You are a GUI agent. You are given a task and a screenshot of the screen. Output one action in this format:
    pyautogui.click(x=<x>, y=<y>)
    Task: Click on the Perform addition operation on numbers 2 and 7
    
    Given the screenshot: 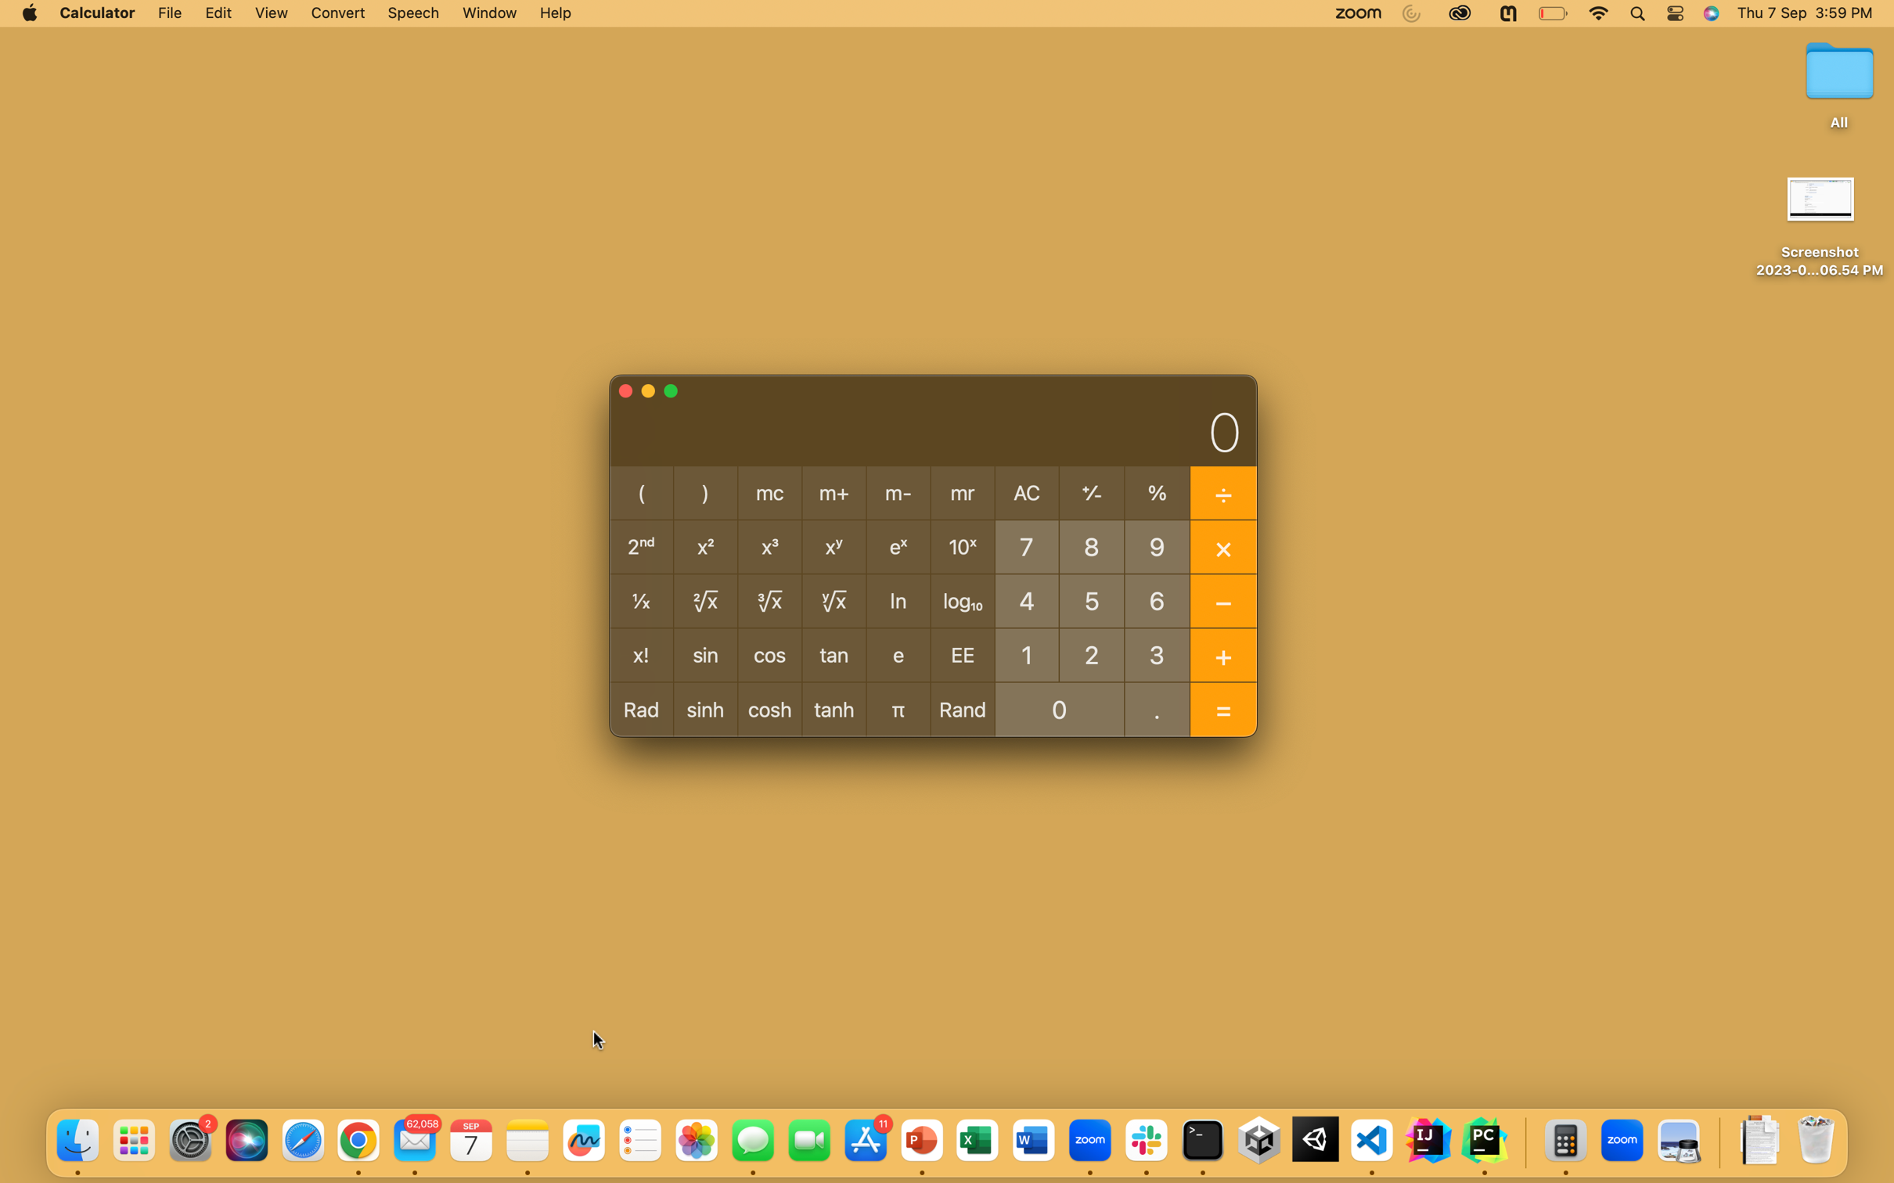 What is the action you would take?
    pyautogui.click(x=1091, y=653)
    